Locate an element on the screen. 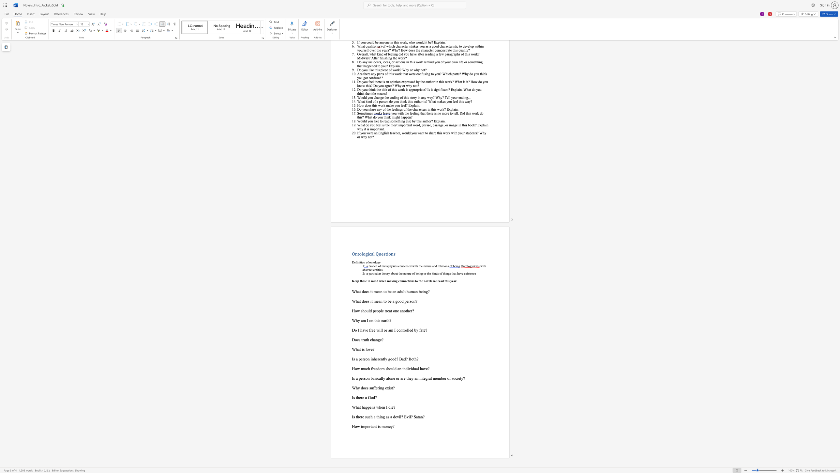 The image size is (840, 473). the subset text "Definition of on" within the text "Definition of ontology" is located at coordinates (352, 262).